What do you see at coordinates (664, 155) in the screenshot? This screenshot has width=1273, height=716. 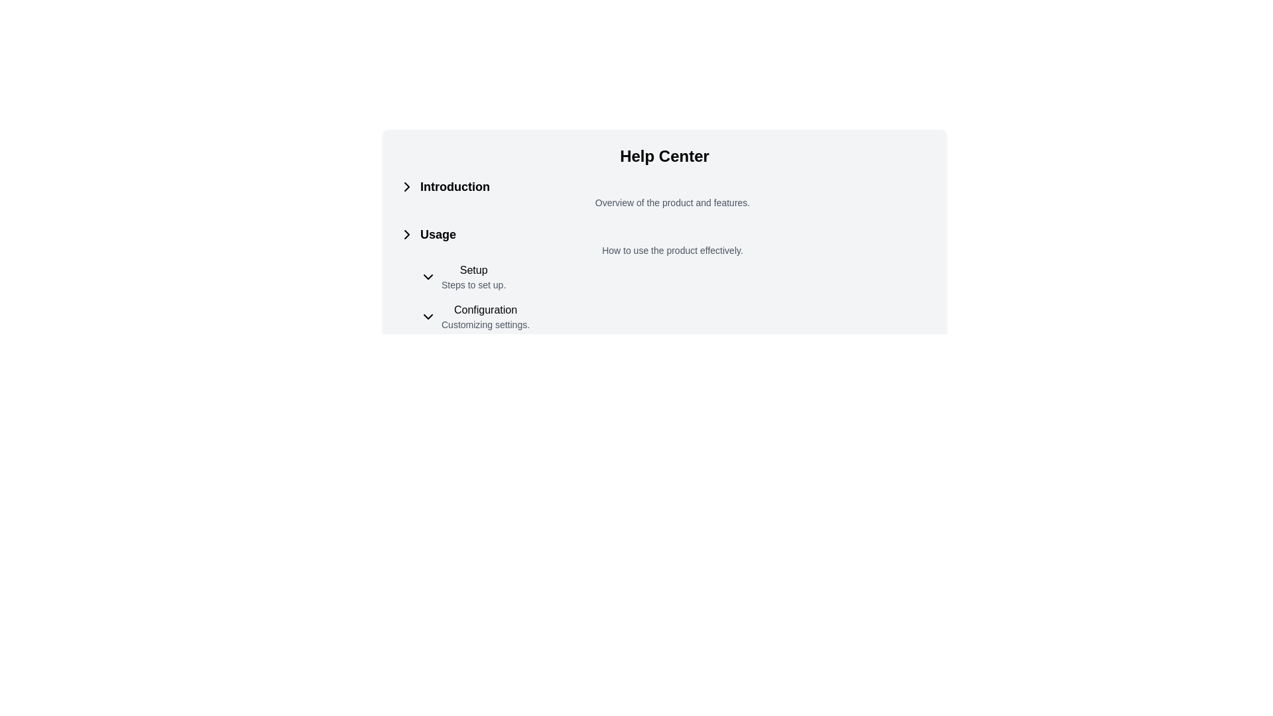 I see `'Help Center' header text, which is a bold and prominent element styled in large font size at the top of the section` at bounding box center [664, 155].